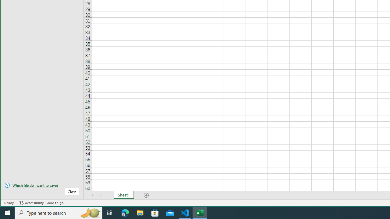 The image size is (390, 219). I want to click on 'Start', so click(7, 212).